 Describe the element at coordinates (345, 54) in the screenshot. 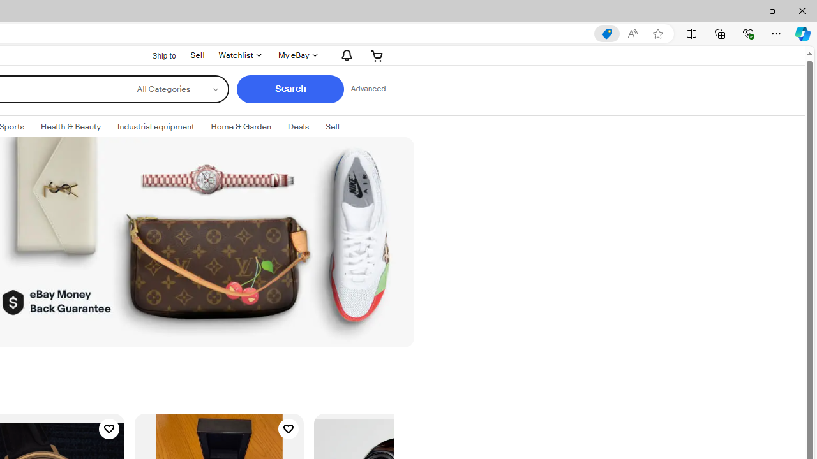

I see `'AutomationID: gh-eb-Alerts'` at that location.